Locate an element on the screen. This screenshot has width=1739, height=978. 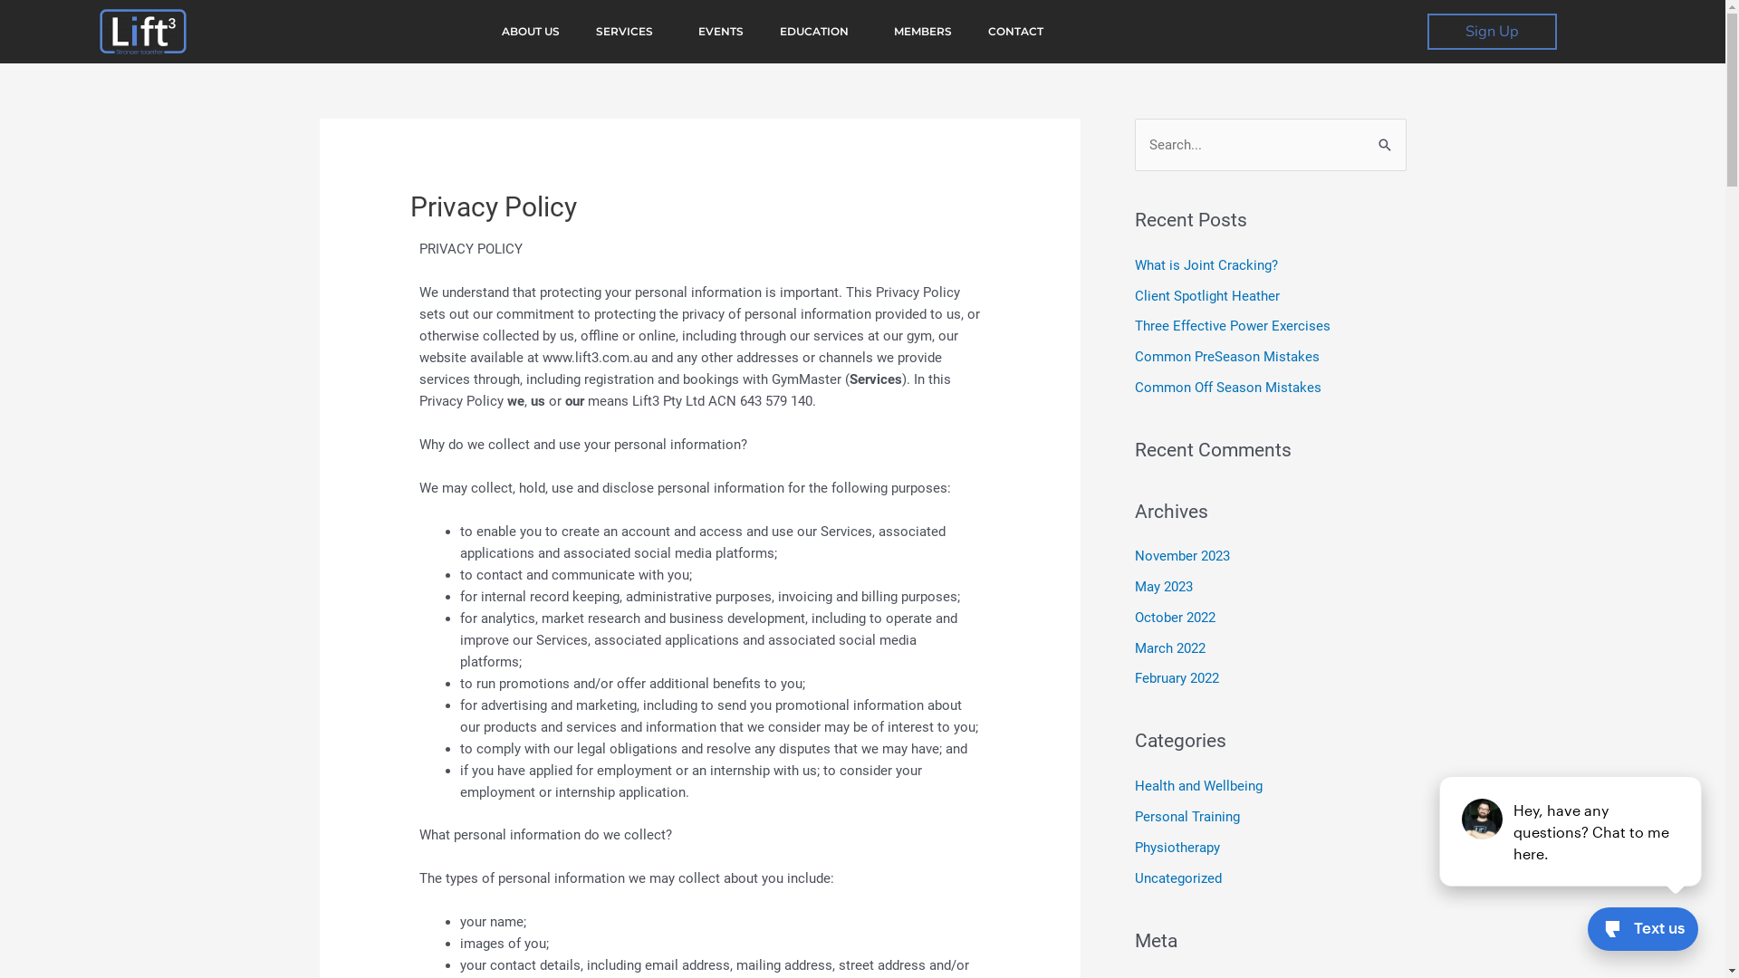
'What is Joint Cracking?' is located at coordinates (1205, 265).